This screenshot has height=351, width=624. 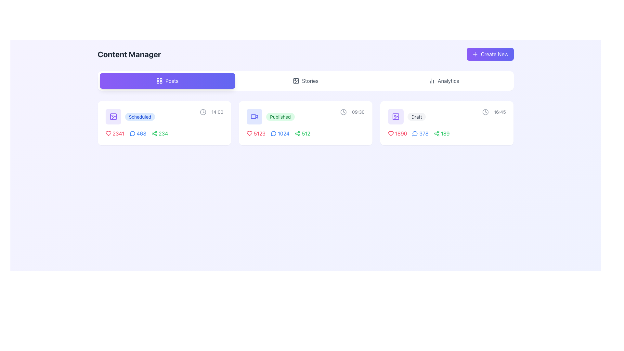 I want to click on the heart icon located at the bottom-left corner of the scheduled content card, which represents a like or favorite action, so click(x=108, y=133).